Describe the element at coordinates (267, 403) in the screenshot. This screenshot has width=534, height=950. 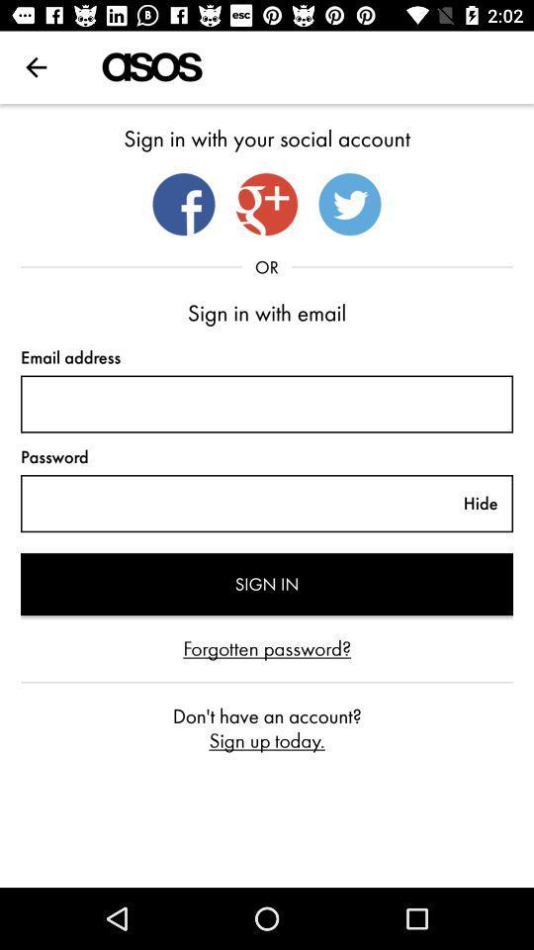
I see `text` at that location.